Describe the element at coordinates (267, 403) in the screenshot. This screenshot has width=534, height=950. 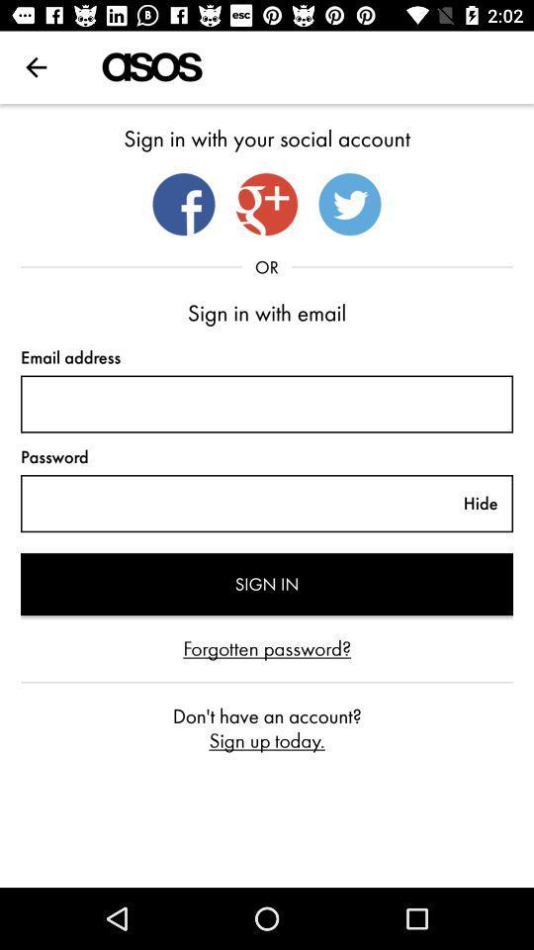
I see `text` at that location.